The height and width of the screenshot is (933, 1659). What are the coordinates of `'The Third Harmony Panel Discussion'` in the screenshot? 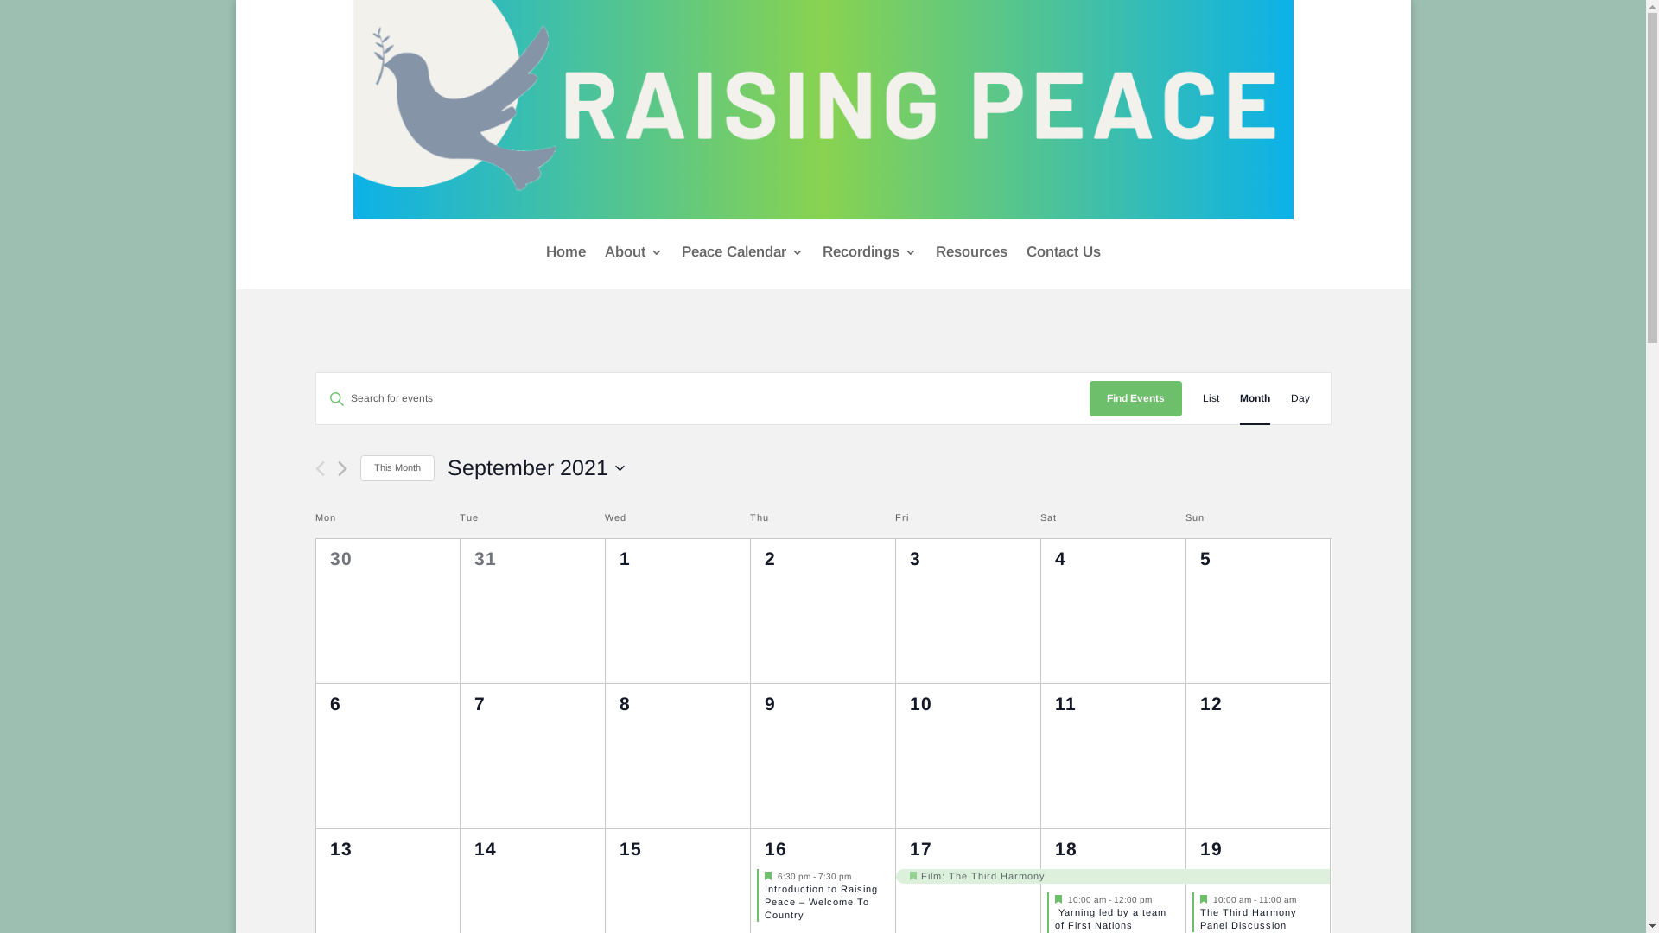 It's located at (1248, 918).